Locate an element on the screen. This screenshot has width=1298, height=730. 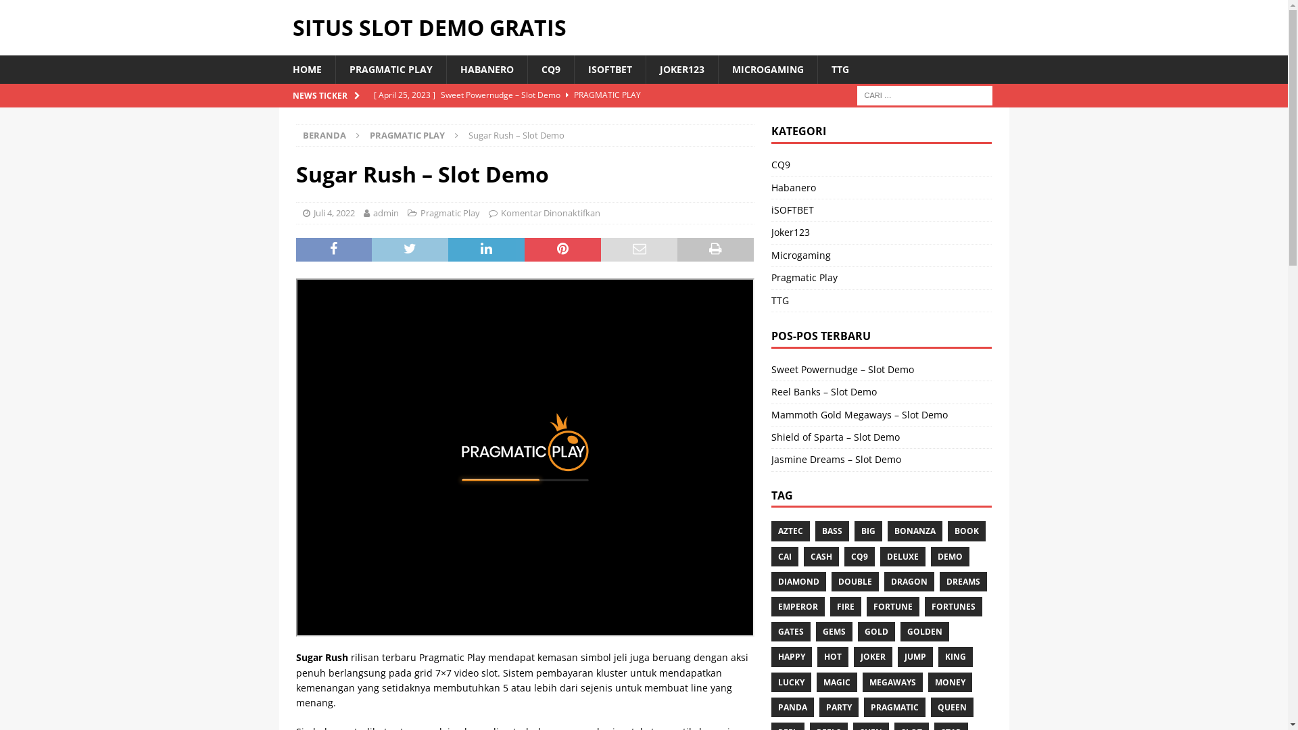
'CQ9' is located at coordinates (882, 166).